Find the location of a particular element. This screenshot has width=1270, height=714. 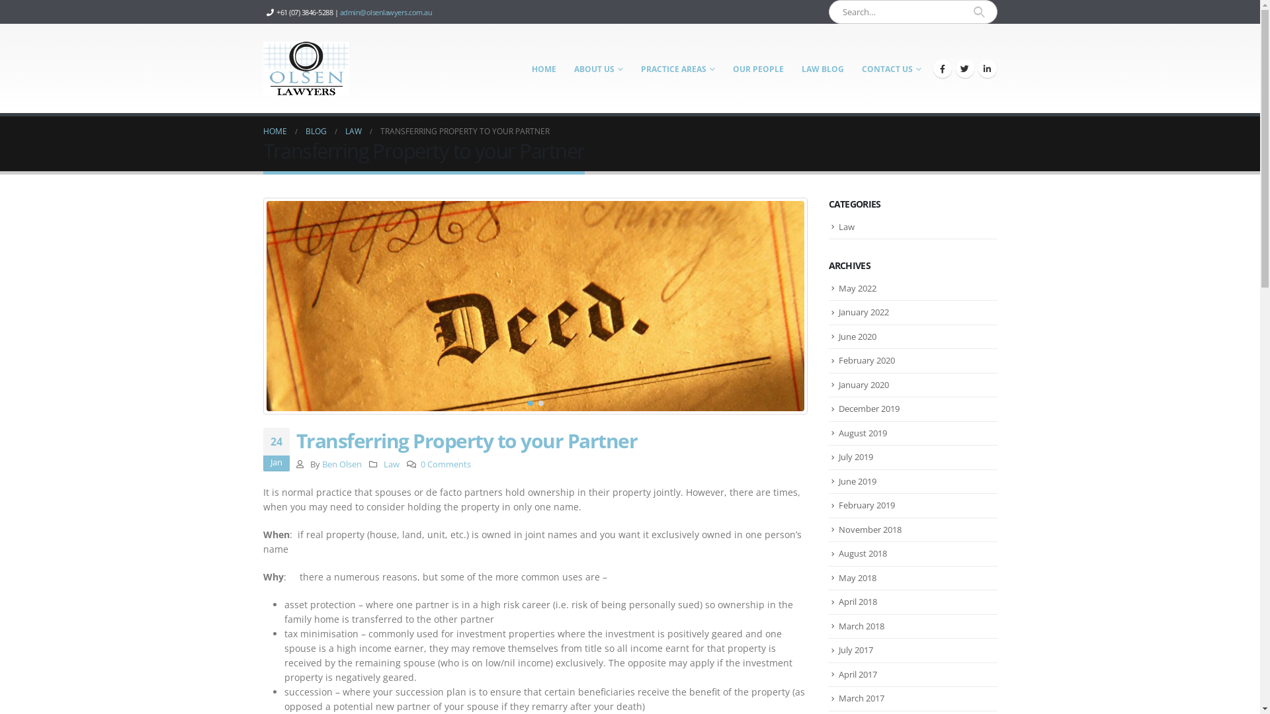

'BLOG' is located at coordinates (304, 132).